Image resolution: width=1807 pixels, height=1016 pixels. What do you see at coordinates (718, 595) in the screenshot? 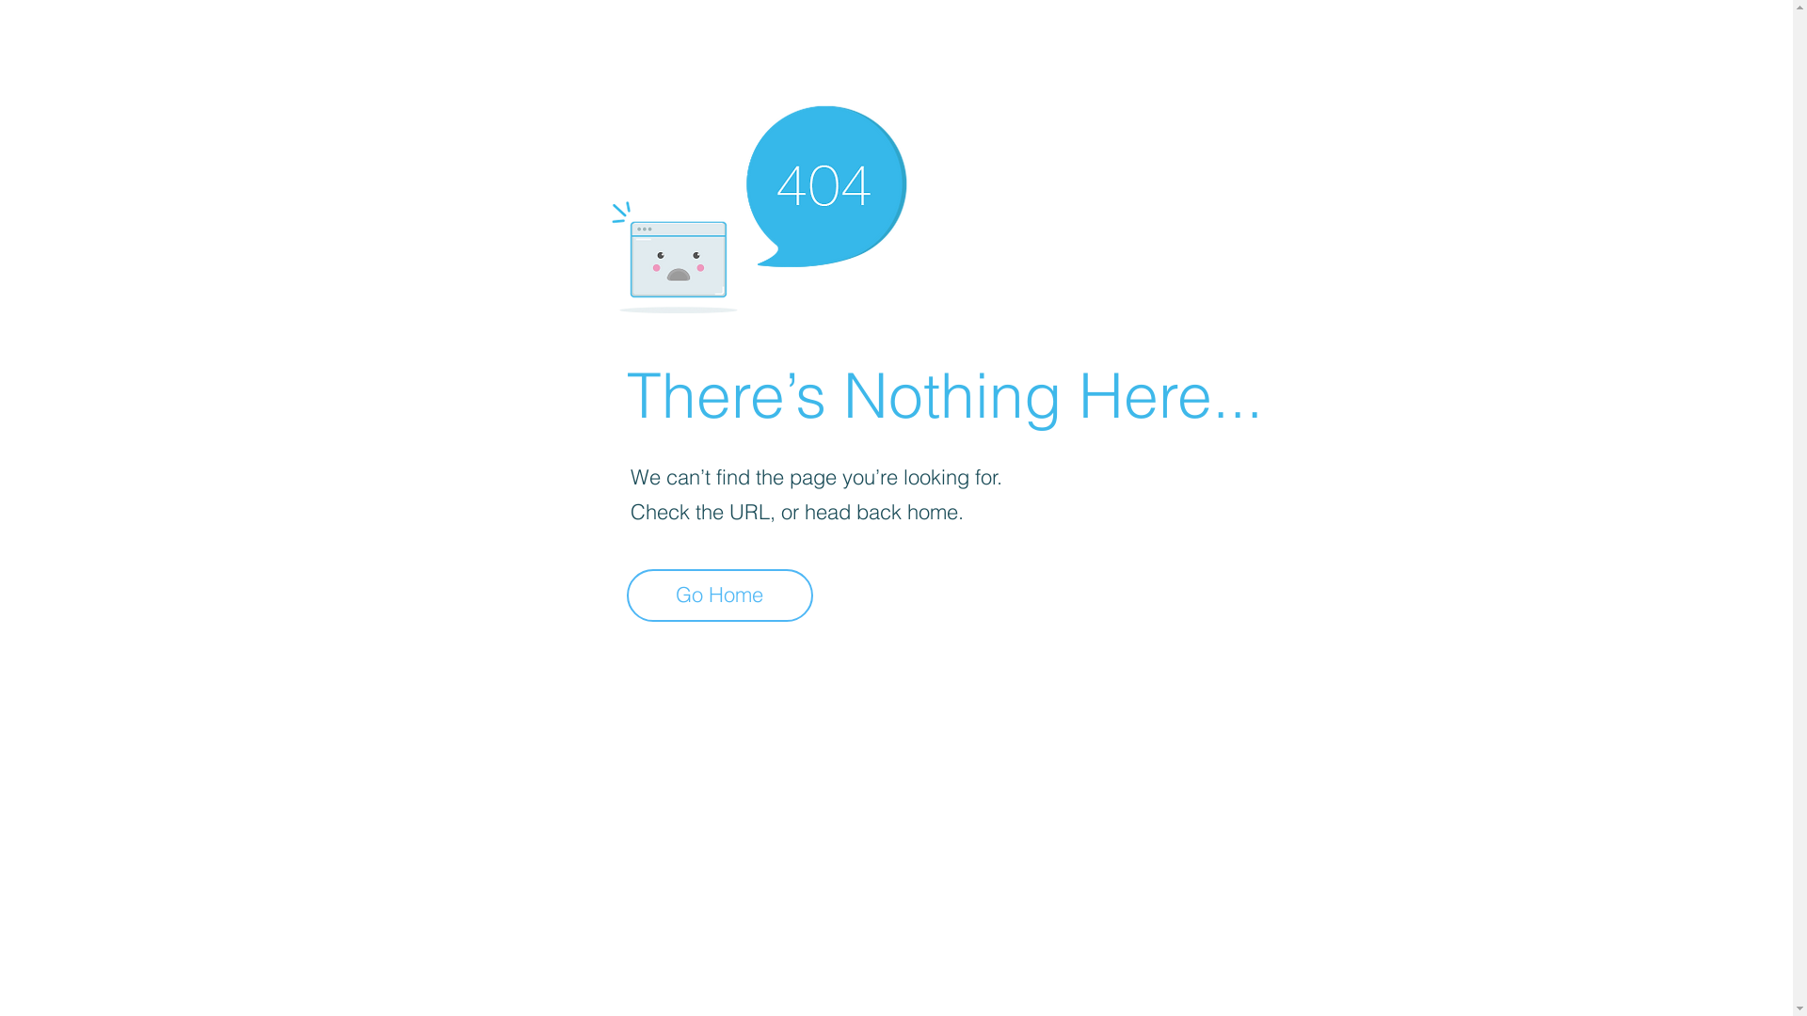
I see `'Go Home'` at bounding box center [718, 595].